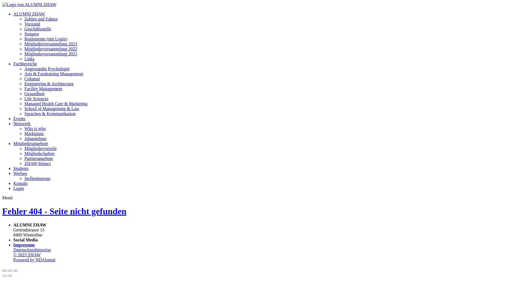 The width and height of the screenshot is (532, 299). What do you see at coordinates (20, 173) in the screenshot?
I see `'Werben'` at bounding box center [20, 173].